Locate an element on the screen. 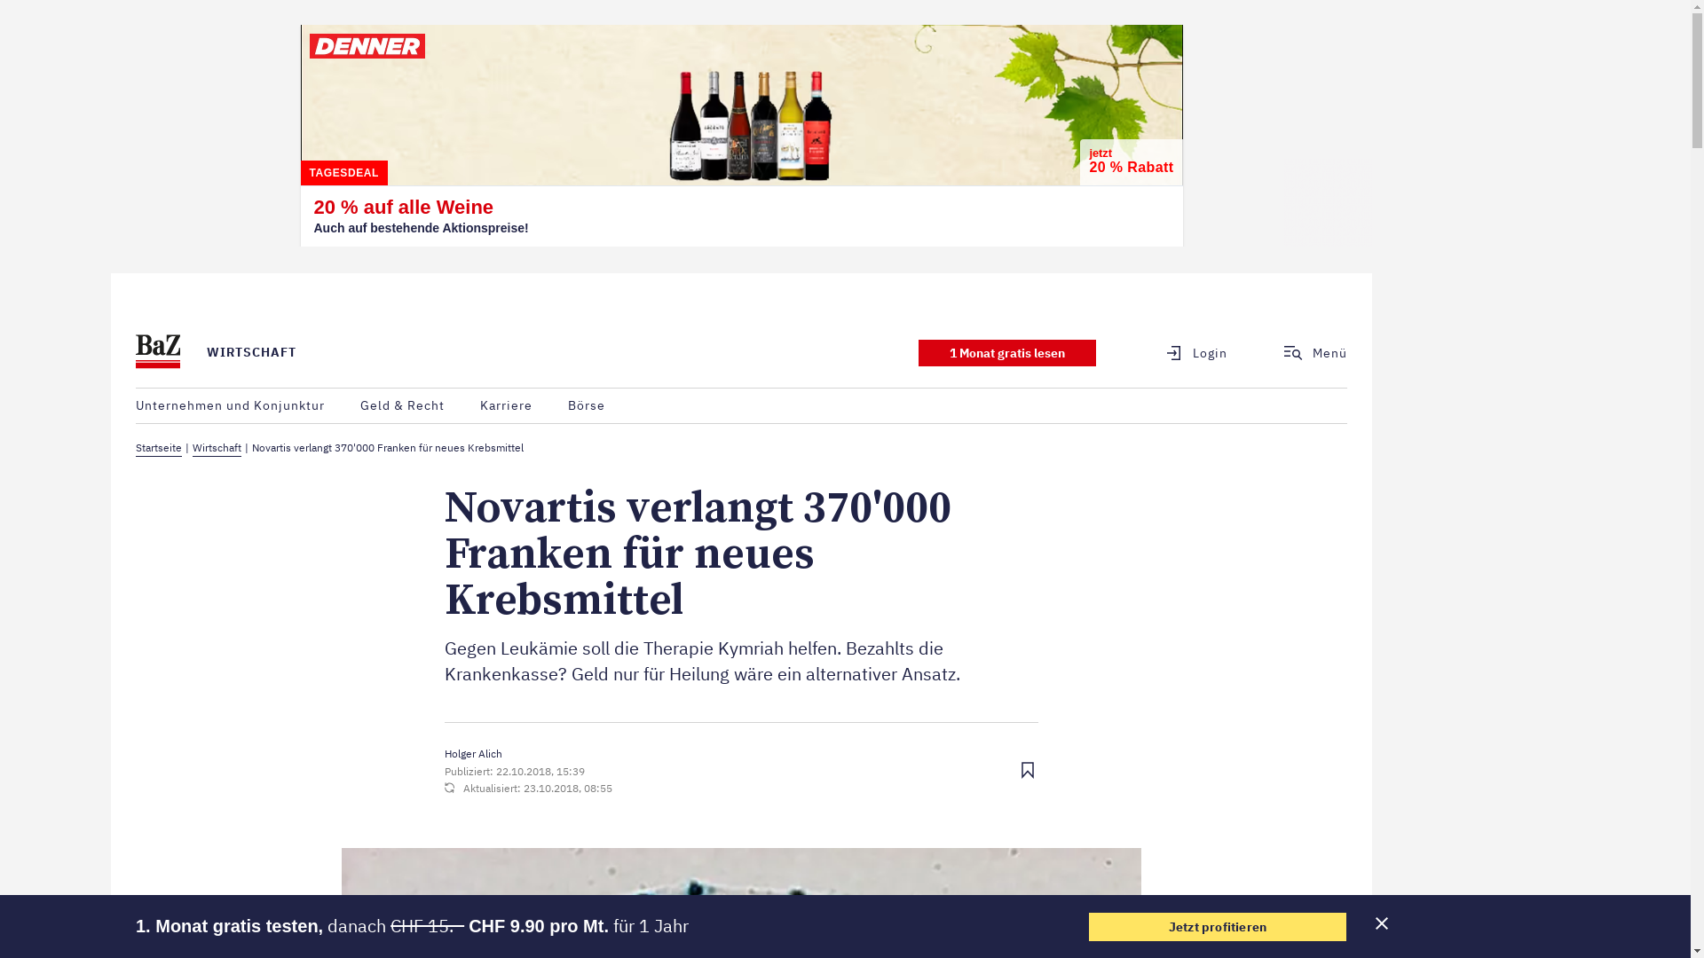  'Basler Zeitung' is located at coordinates (135, 352).